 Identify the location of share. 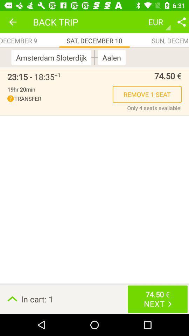
(181, 22).